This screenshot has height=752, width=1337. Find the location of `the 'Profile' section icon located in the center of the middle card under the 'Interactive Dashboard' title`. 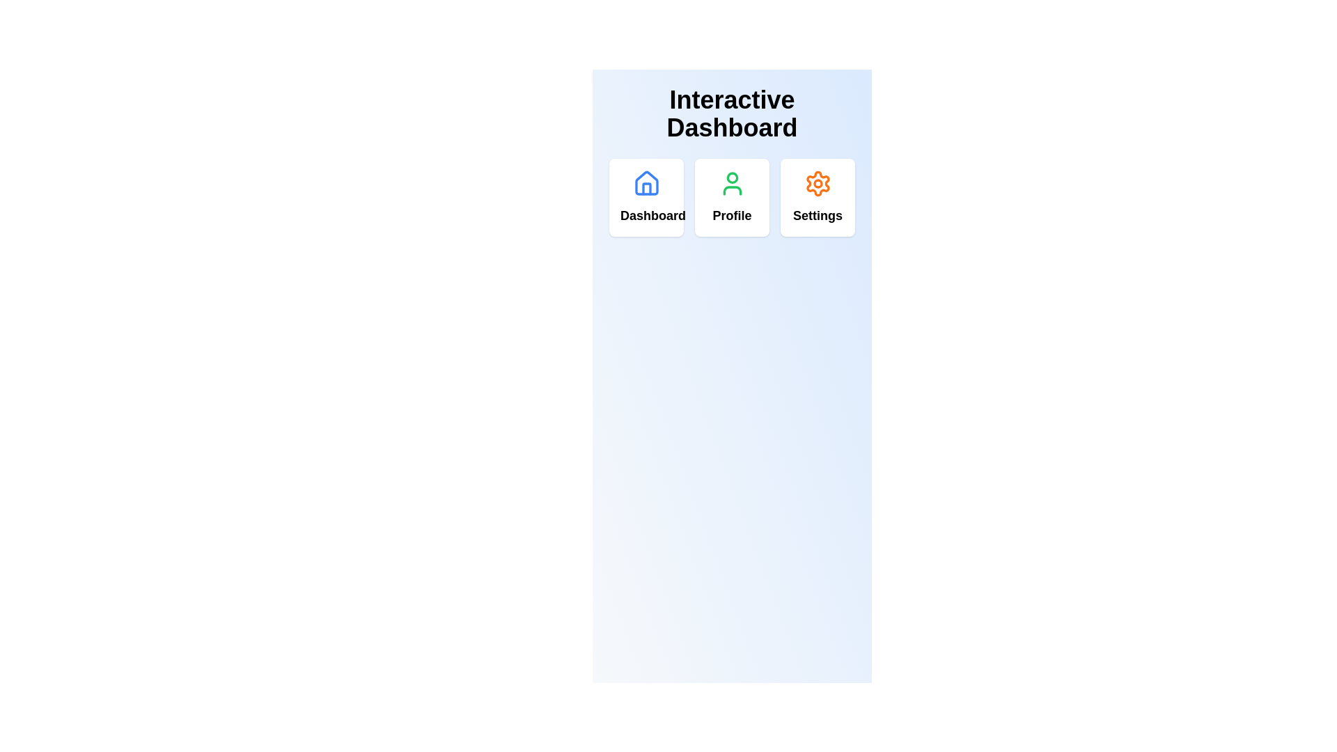

the 'Profile' section icon located in the center of the middle card under the 'Interactive Dashboard' title is located at coordinates (731, 182).